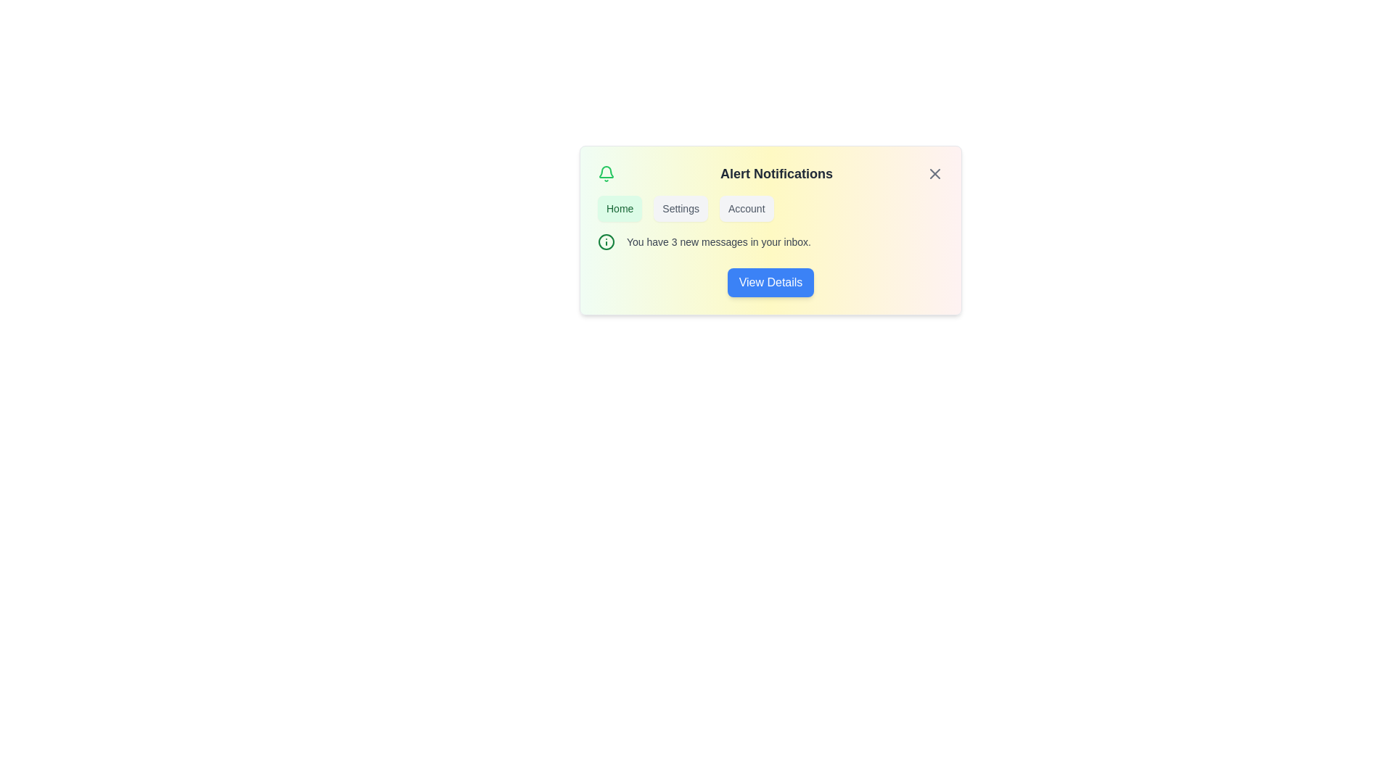 This screenshot has height=783, width=1393. Describe the element at coordinates (770, 282) in the screenshot. I see `the 'View Details' button` at that location.